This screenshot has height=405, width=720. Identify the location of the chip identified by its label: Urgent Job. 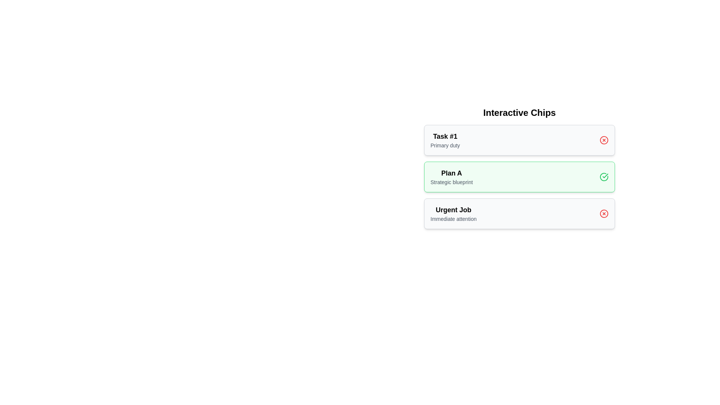
(604, 214).